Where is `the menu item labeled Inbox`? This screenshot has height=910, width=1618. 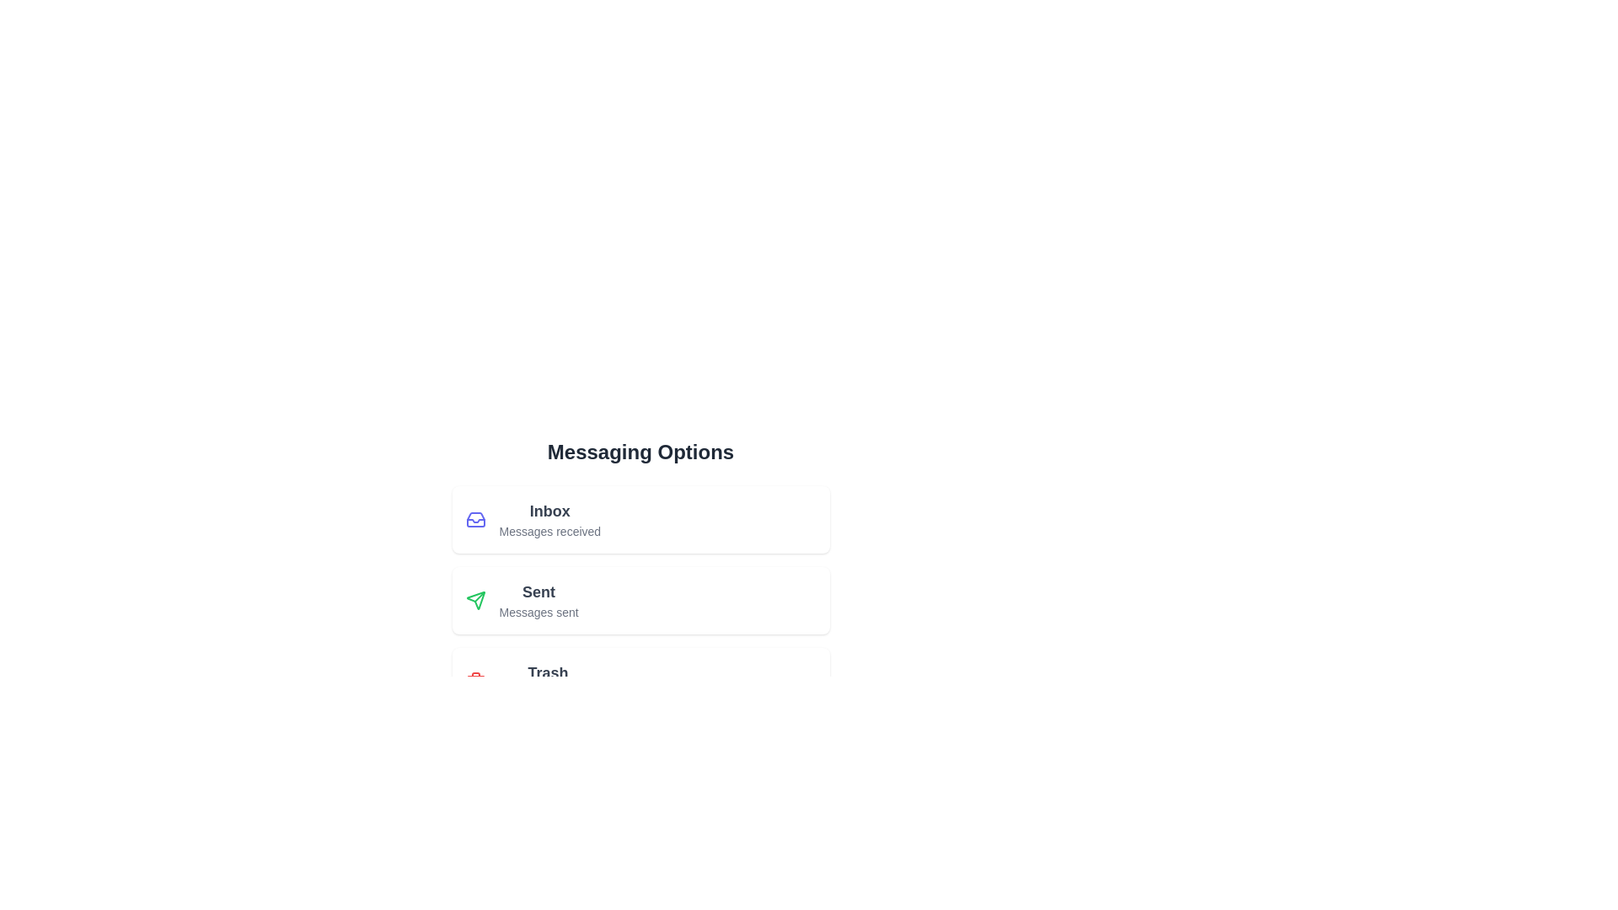 the menu item labeled Inbox is located at coordinates (640, 519).